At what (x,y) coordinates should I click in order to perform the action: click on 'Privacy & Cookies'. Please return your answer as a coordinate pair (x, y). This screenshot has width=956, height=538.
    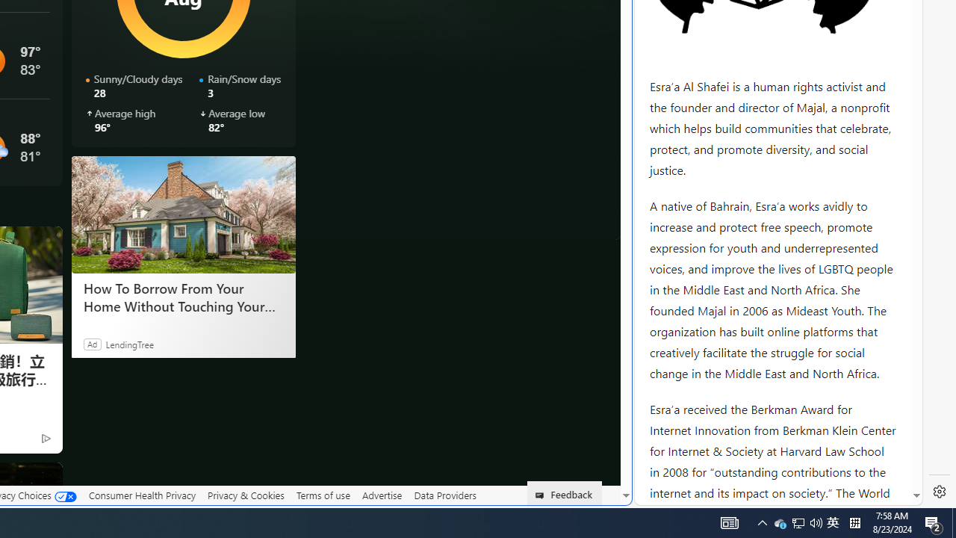
    Looking at the image, I should click on (246, 495).